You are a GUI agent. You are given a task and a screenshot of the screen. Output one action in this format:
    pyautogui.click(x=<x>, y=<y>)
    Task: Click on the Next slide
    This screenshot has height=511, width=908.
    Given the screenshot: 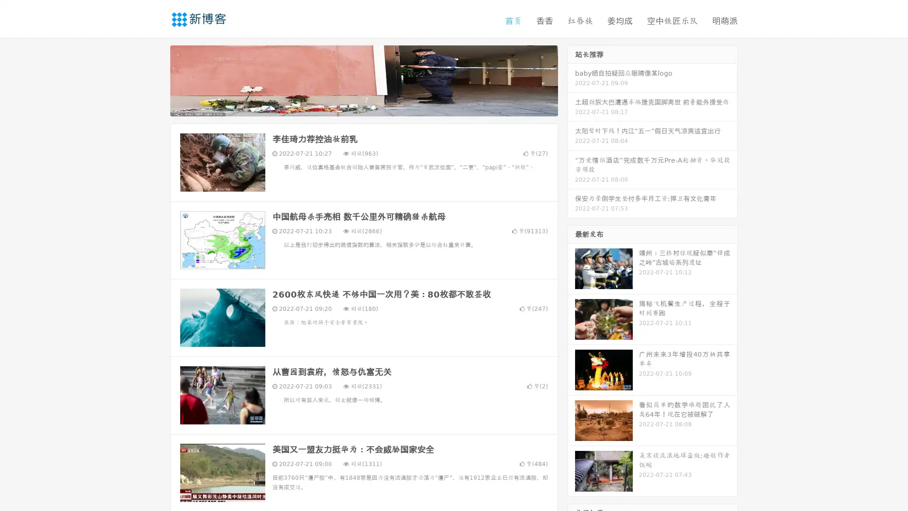 What is the action you would take?
    pyautogui.click(x=571, y=79)
    